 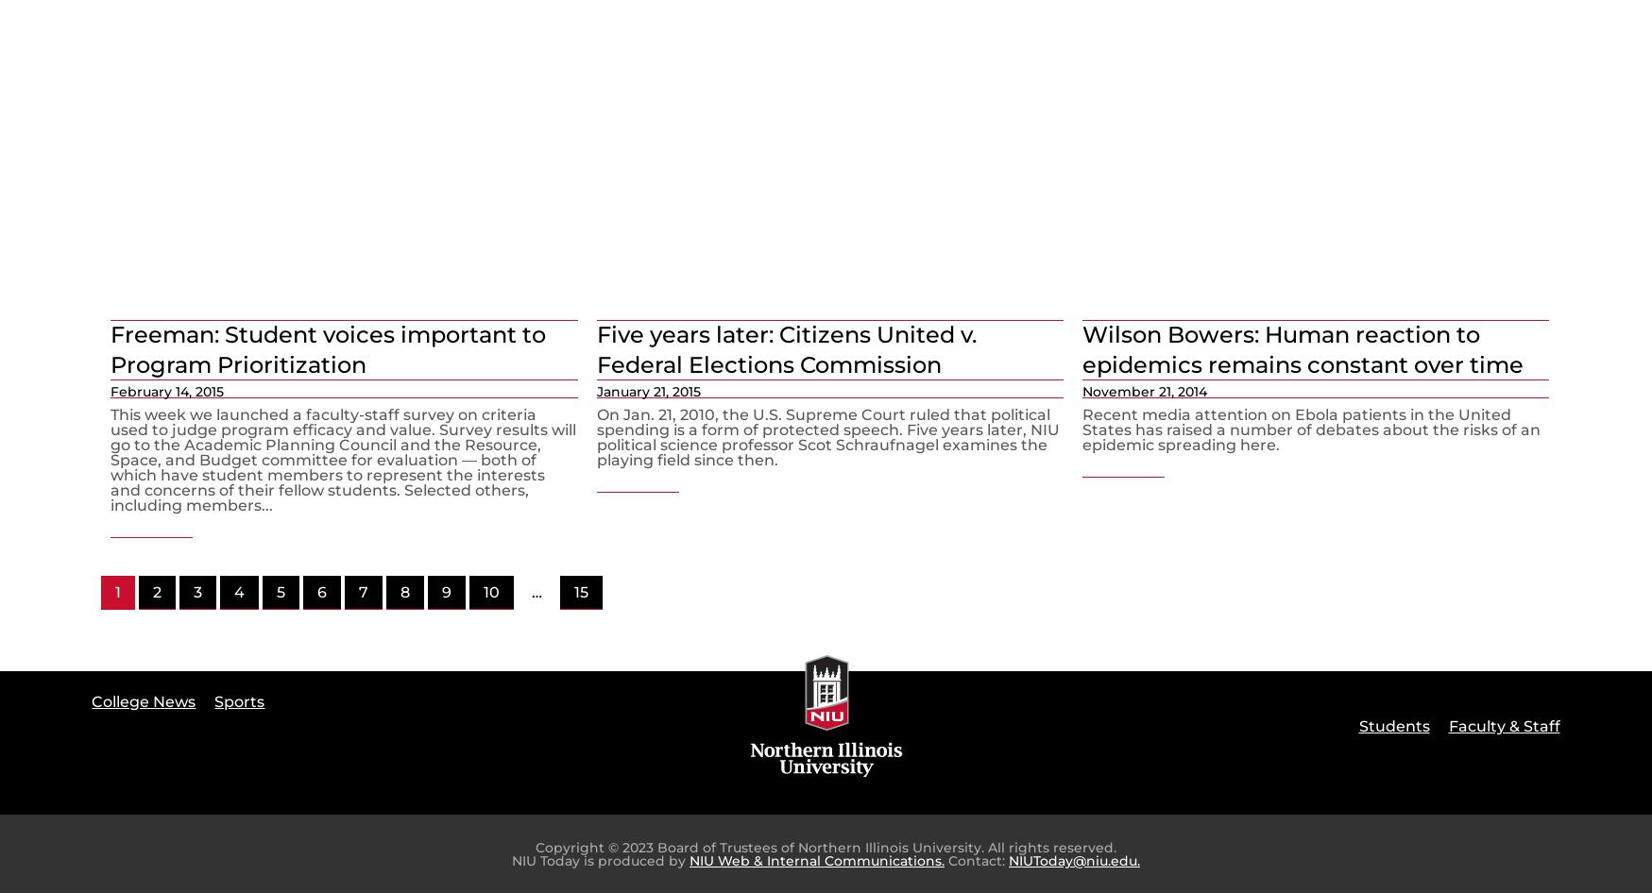 I want to click on 'January 21, 2015', so click(x=646, y=391).